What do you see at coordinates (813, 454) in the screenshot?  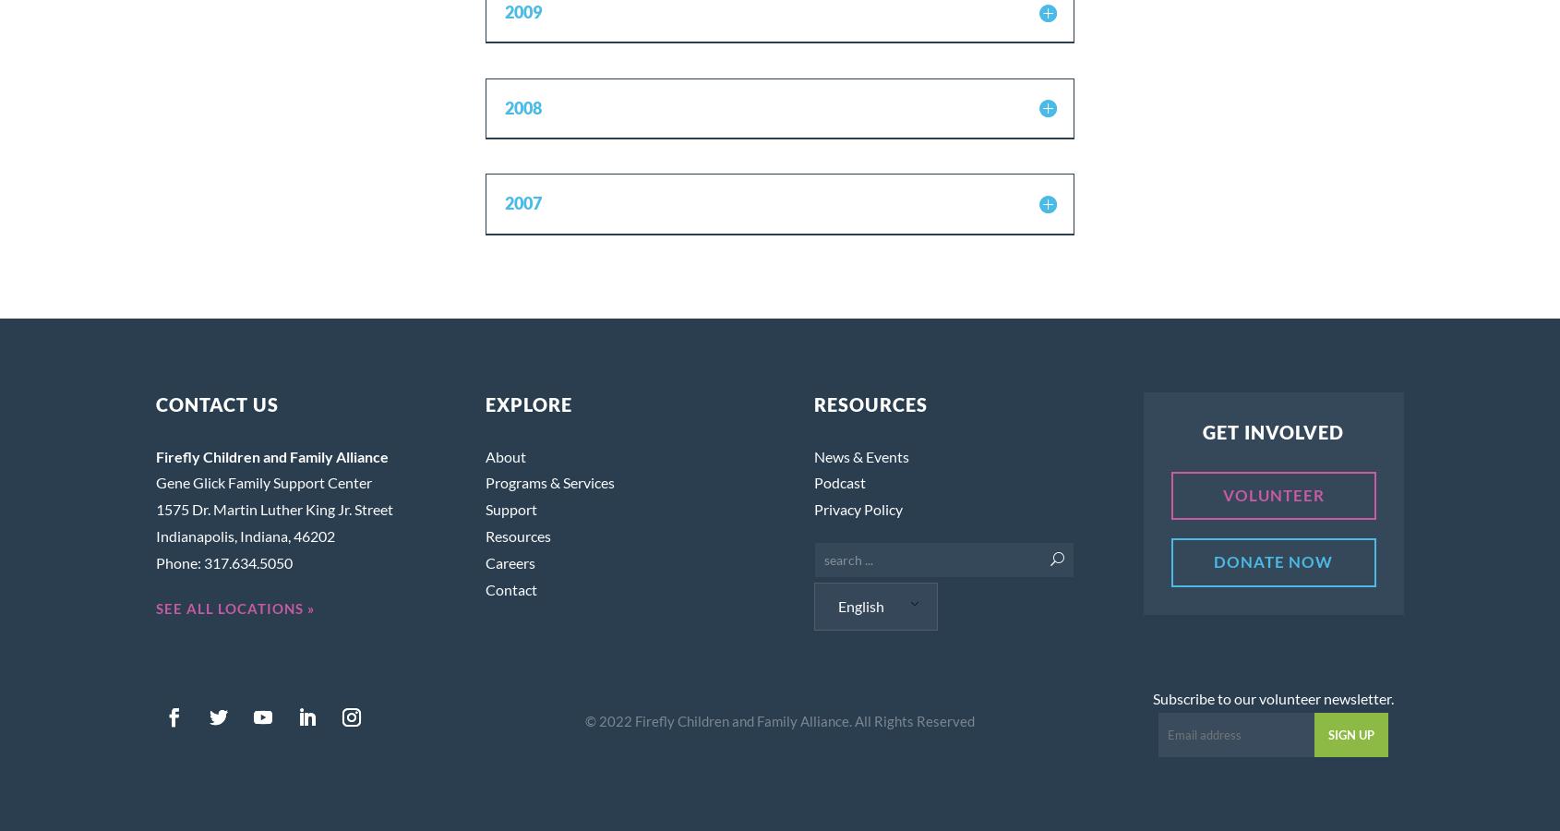 I see `'News & Events'` at bounding box center [813, 454].